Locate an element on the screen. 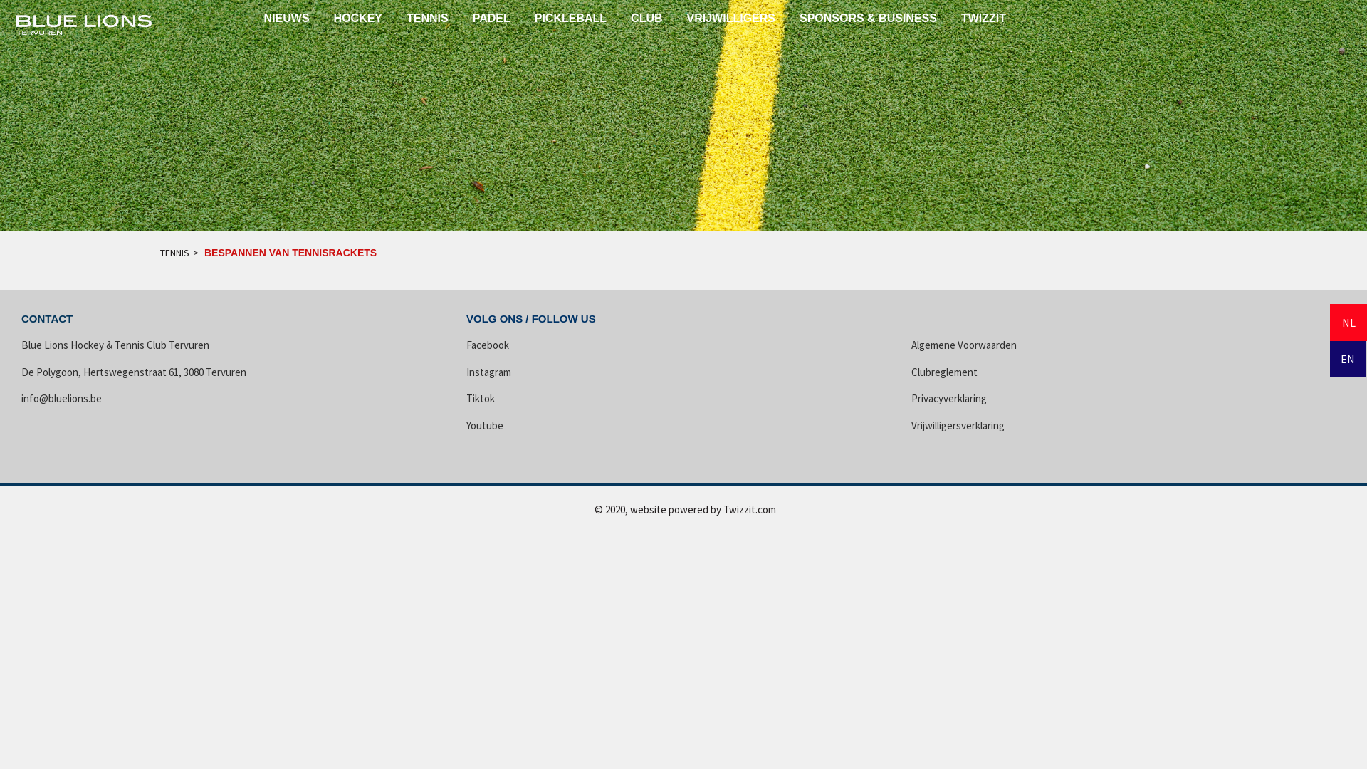 This screenshot has width=1367, height=769. 'SPONSORS & BUSINESS' is located at coordinates (800, 19).